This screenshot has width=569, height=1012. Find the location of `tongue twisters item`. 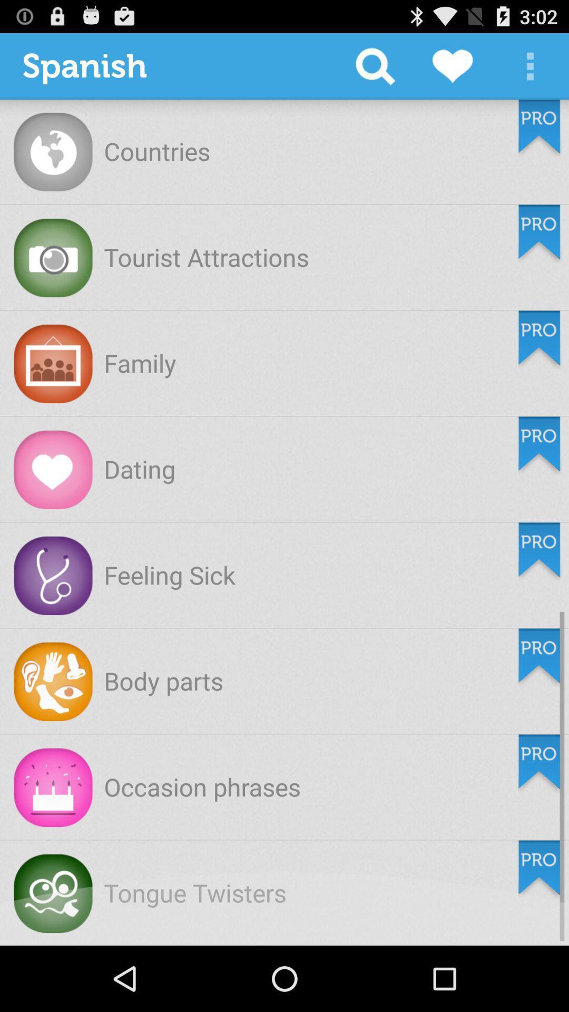

tongue twisters item is located at coordinates (195, 892).